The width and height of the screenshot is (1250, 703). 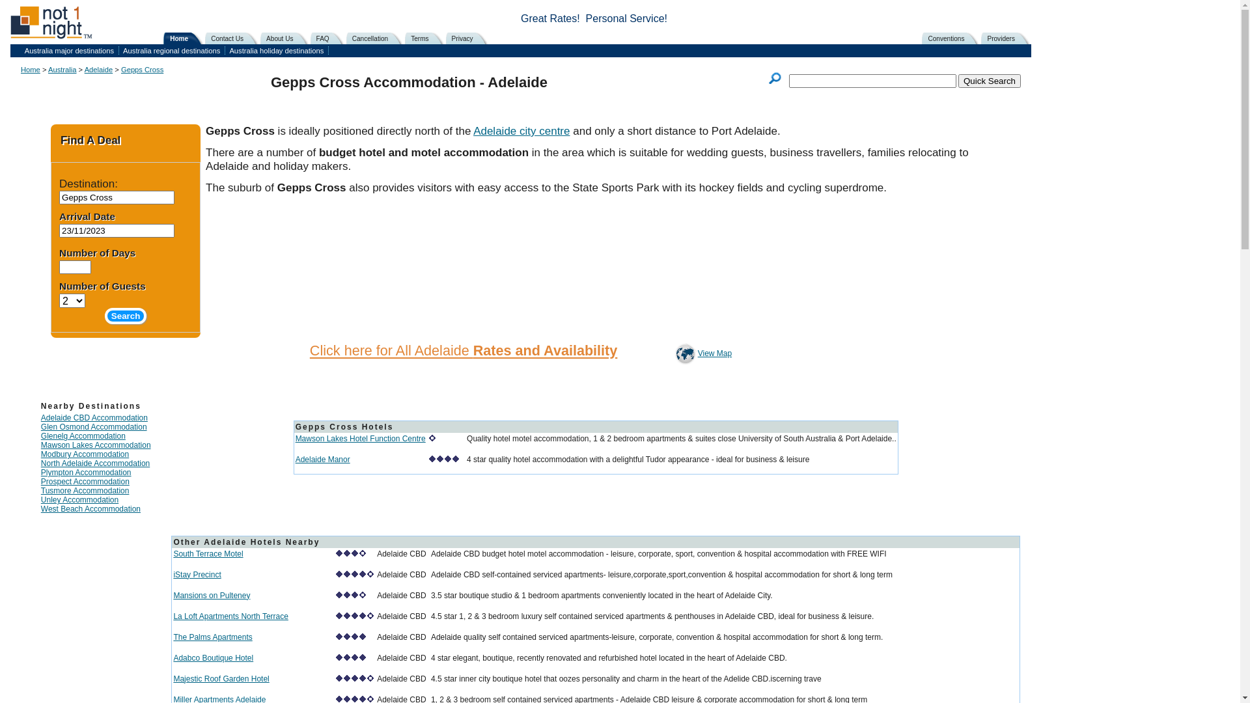 What do you see at coordinates (40, 499) in the screenshot?
I see `'Unley Accommodation'` at bounding box center [40, 499].